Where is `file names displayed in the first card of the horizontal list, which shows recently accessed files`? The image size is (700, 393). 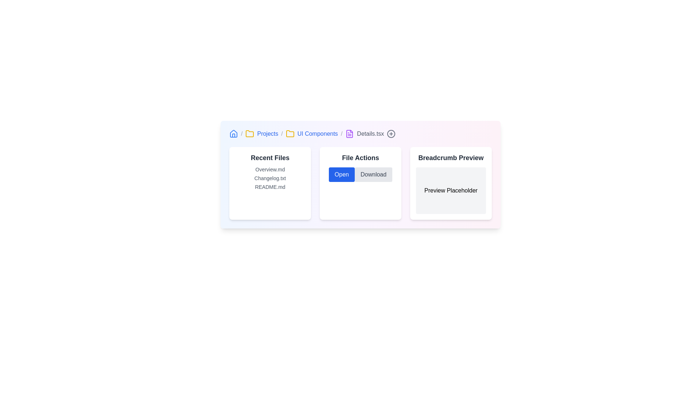 file names displayed in the first card of the horizontal list, which shows recently accessed files is located at coordinates (269, 183).